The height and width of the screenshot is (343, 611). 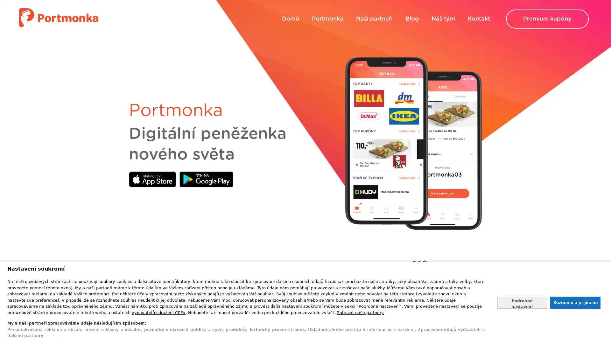 I want to click on Souhlasit s nasim zpracovanim udaju a zavrit, so click(x=575, y=302).